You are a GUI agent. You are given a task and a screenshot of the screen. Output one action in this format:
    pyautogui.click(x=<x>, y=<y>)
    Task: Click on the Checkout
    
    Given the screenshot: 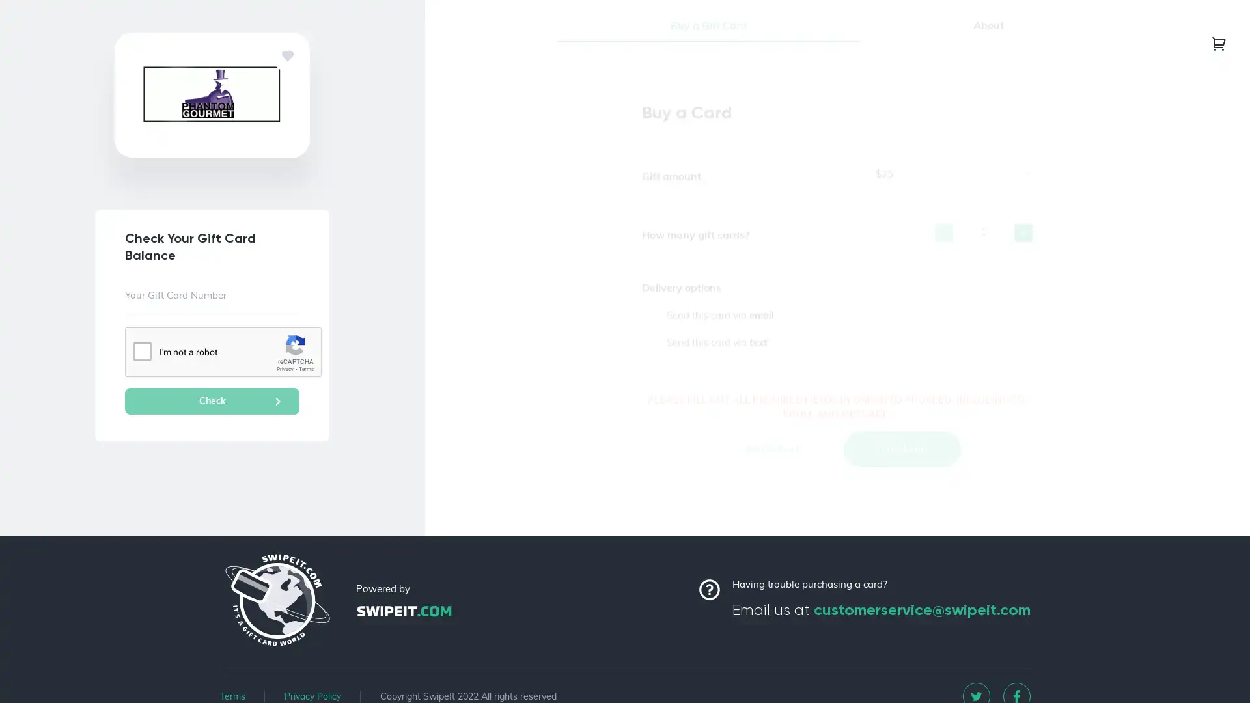 What is the action you would take?
    pyautogui.click(x=902, y=465)
    